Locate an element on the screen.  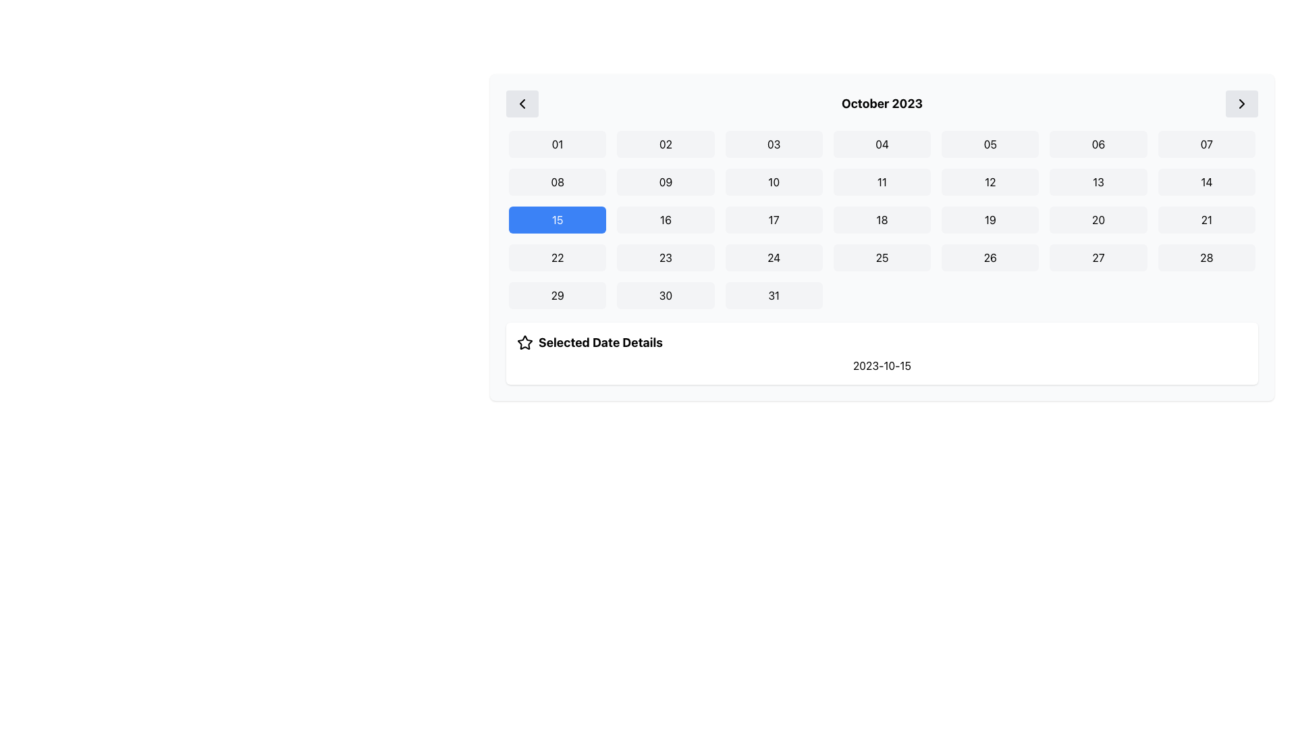
the button displaying the number '30', located at the bottom-right corner of the calendar widget is located at coordinates (666, 295).